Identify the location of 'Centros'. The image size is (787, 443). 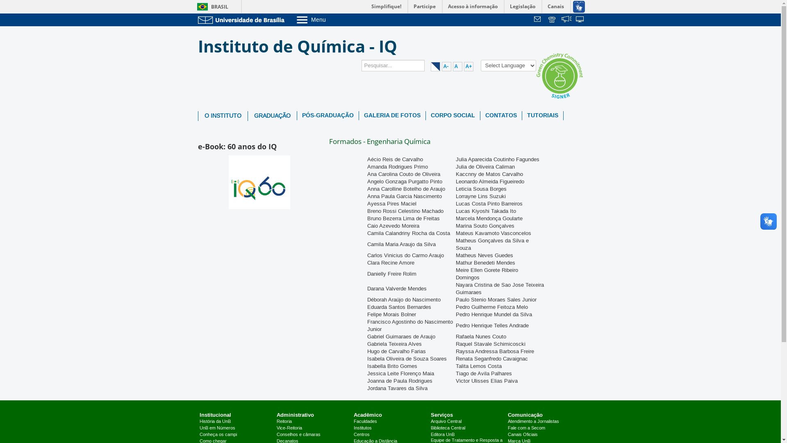
(354, 434).